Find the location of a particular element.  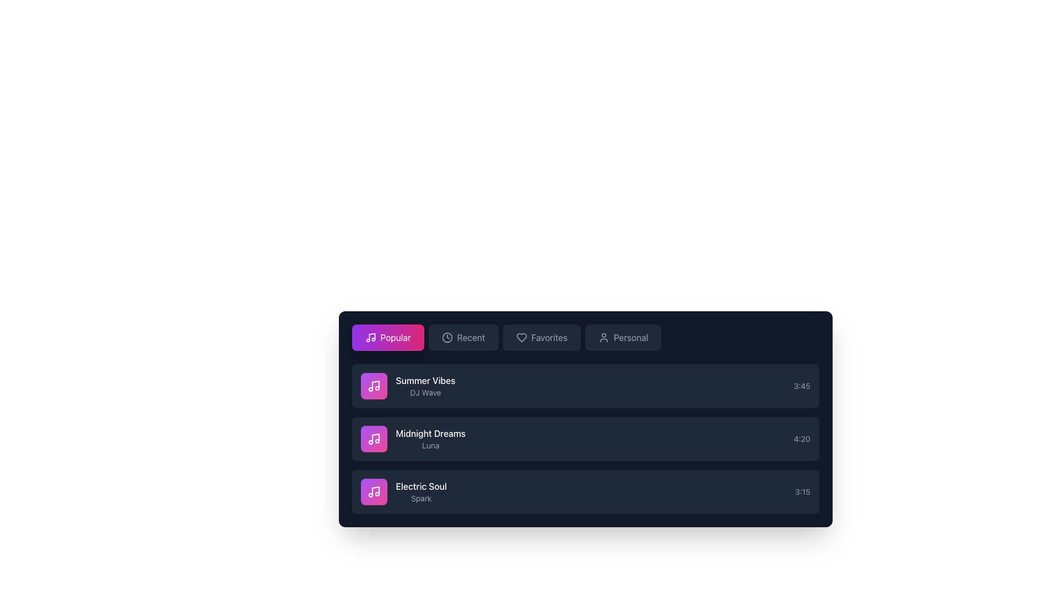

the square icon with a rounded design and a gradient background transitioning from purple to pink, featuring a white musical note graphic, located in the 'Popular' tab, next to 'Summer Vibes' is located at coordinates (374, 386).